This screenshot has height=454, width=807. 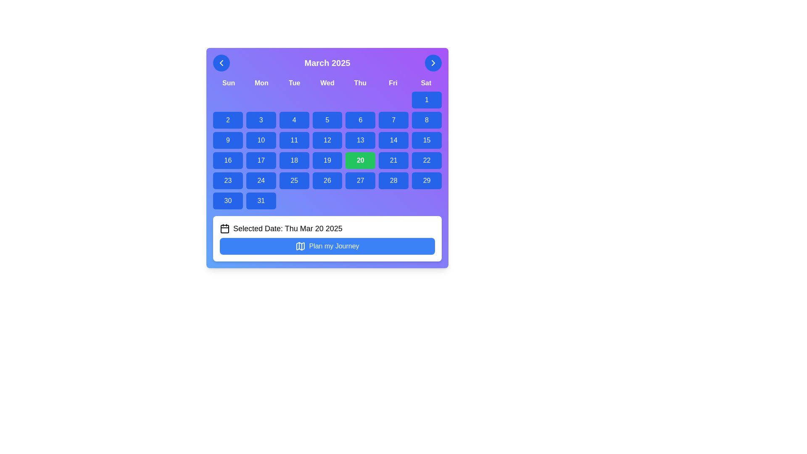 What do you see at coordinates (222, 63) in the screenshot?
I see `the left-facing chevron icon within the circular button located in the upper left corner of the calendar interface` at bounding box center [222, 63].